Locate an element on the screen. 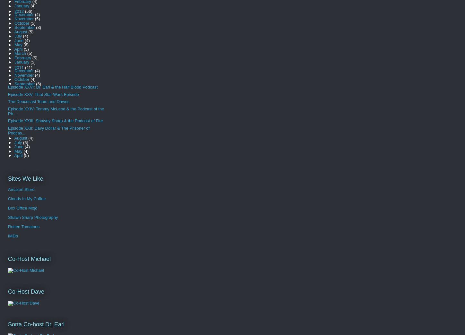  'Episode XXIII:  Shawny Sharp & the Podcast of Fire' is located at coordinates (55, 121).